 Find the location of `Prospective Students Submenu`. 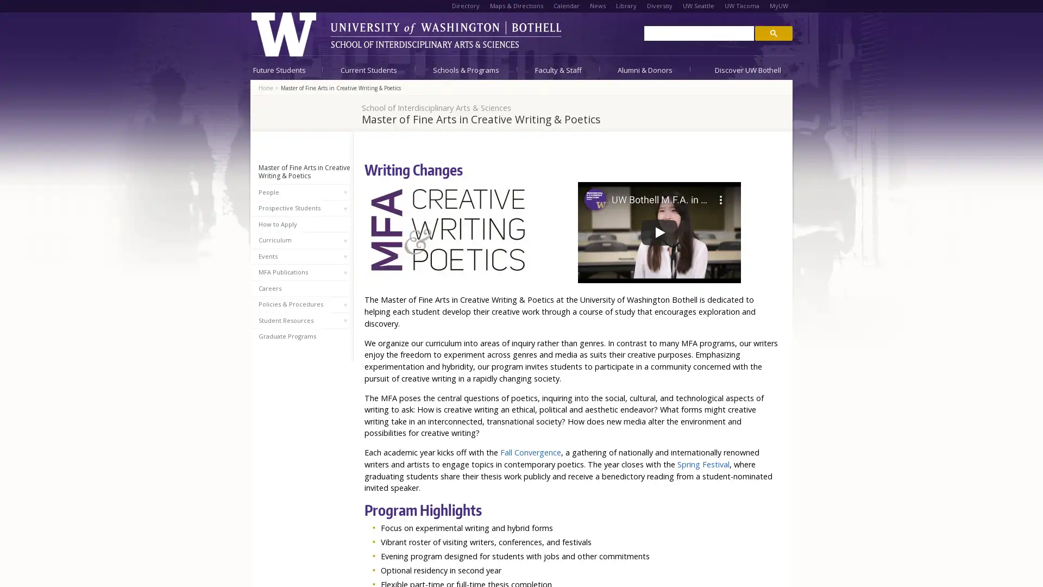

Prospective Students Submenu is located at coordinates (345, 209).